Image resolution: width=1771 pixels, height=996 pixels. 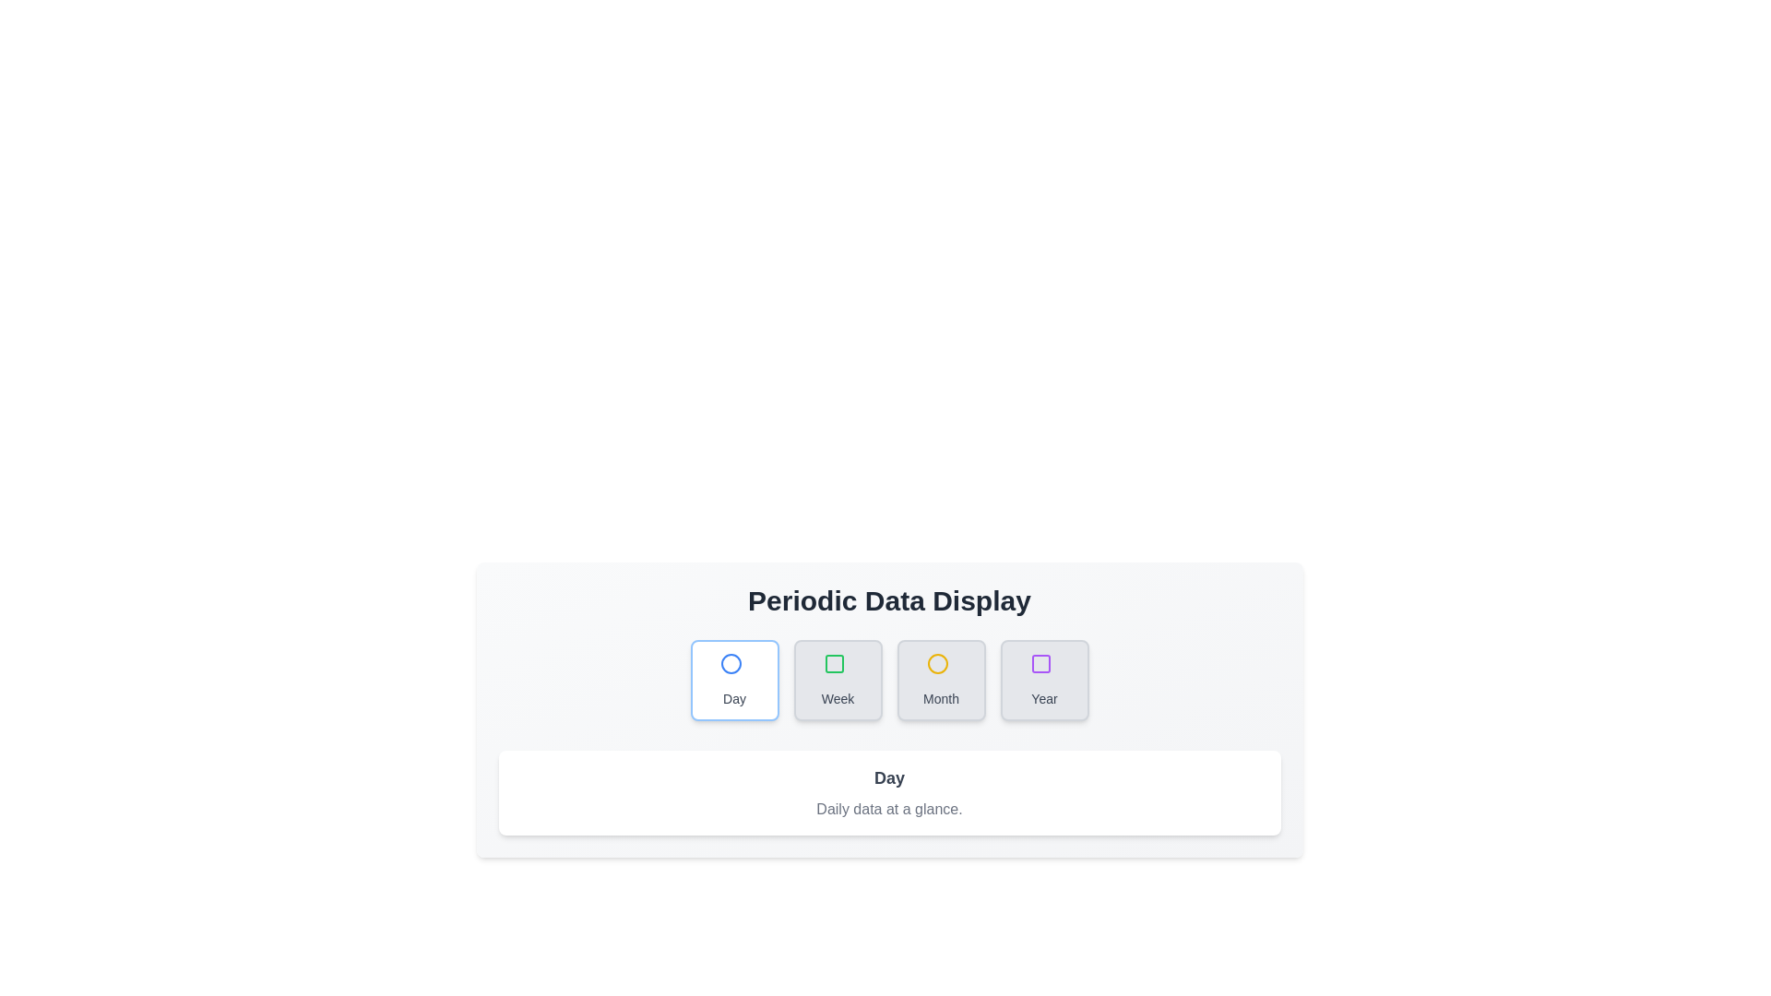 What do you see at coordinates (733, 680) in the screenshot?
I see `the first button in the row under the title 'Periodic Data Display'` at bounding box center [733, 680].